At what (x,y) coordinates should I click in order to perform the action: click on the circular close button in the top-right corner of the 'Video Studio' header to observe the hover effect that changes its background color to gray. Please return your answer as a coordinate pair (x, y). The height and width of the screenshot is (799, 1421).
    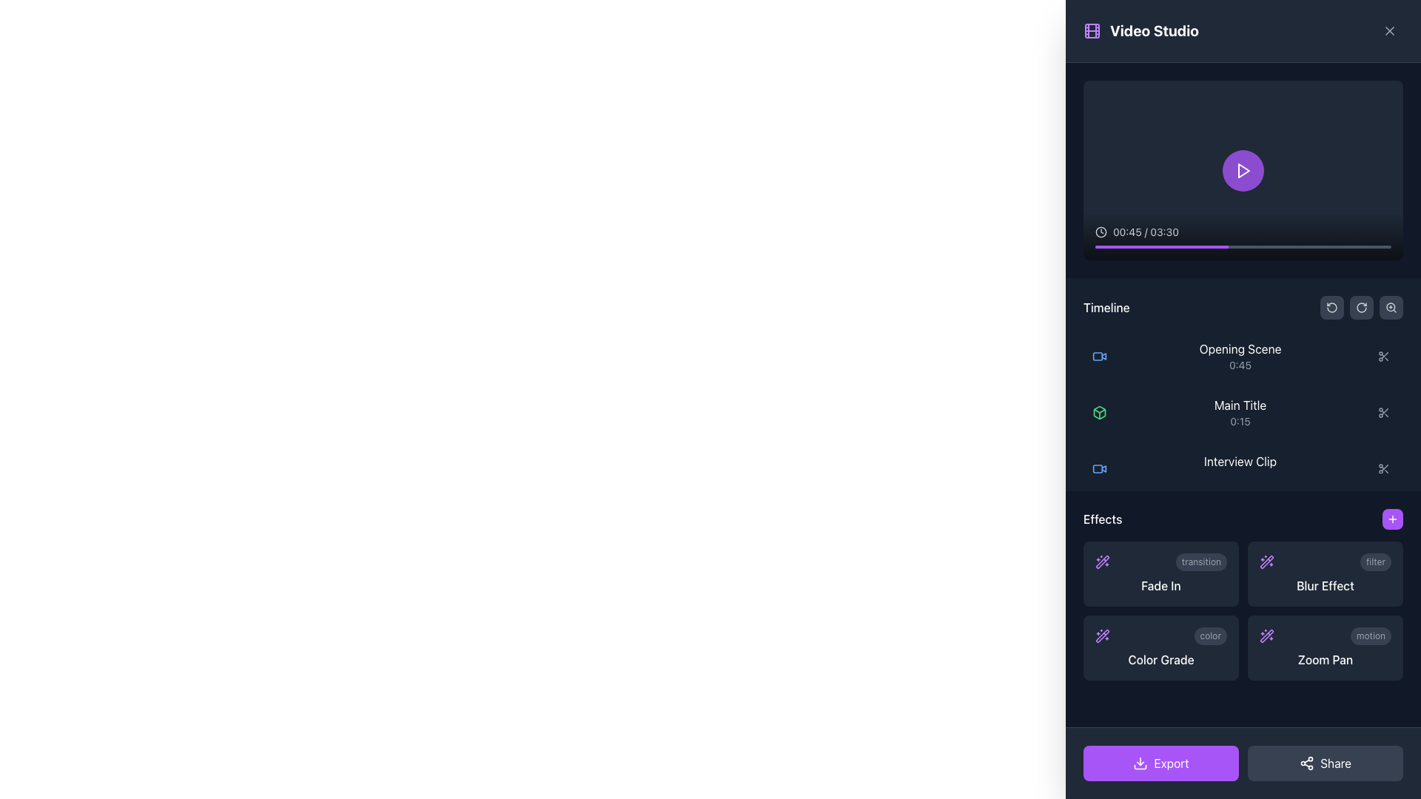
    Looking at the image, I should click on (1388, 31).